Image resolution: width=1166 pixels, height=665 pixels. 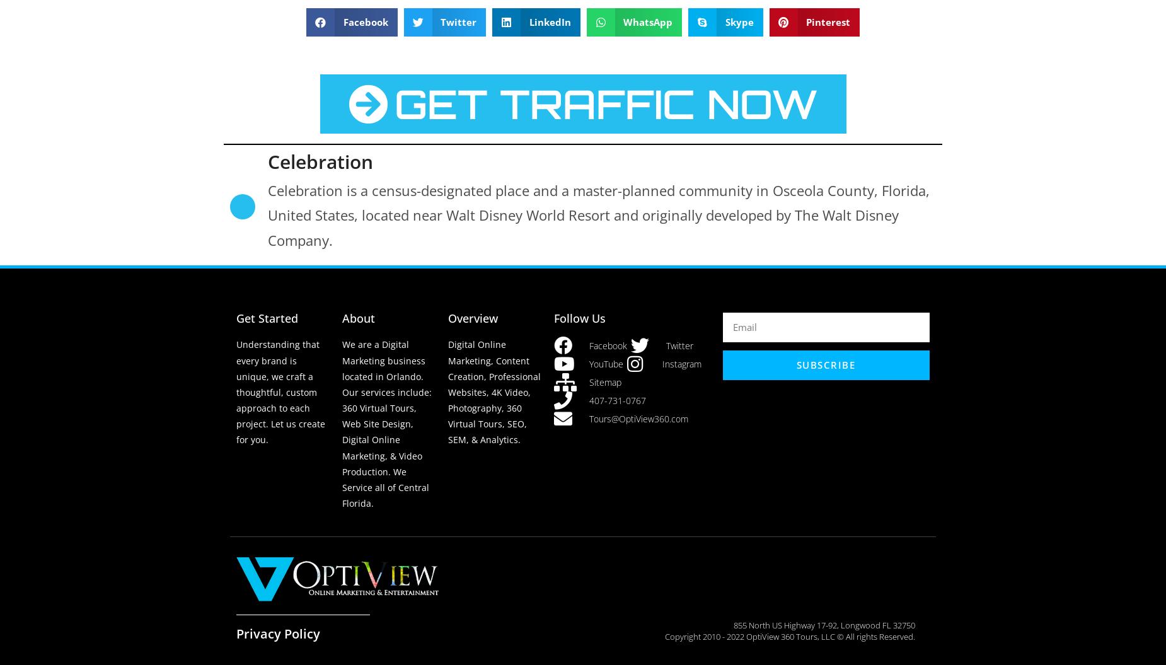 What do you see at coordinates (604, 382) in the screenshot?
I see `'Sitemap'` at bounding box center [604, 382].